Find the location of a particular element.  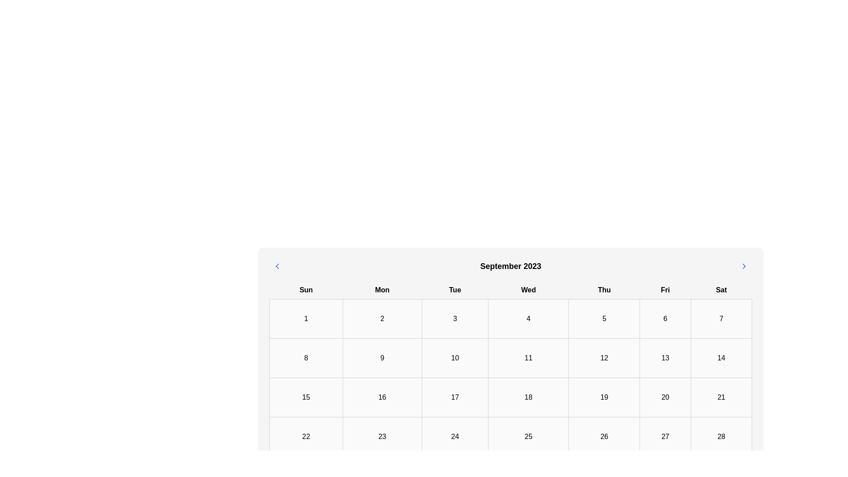

the text label displaying 'Fri', which is the sixth item in a horizontal row of weekday names is located at coordinates (665, 290).